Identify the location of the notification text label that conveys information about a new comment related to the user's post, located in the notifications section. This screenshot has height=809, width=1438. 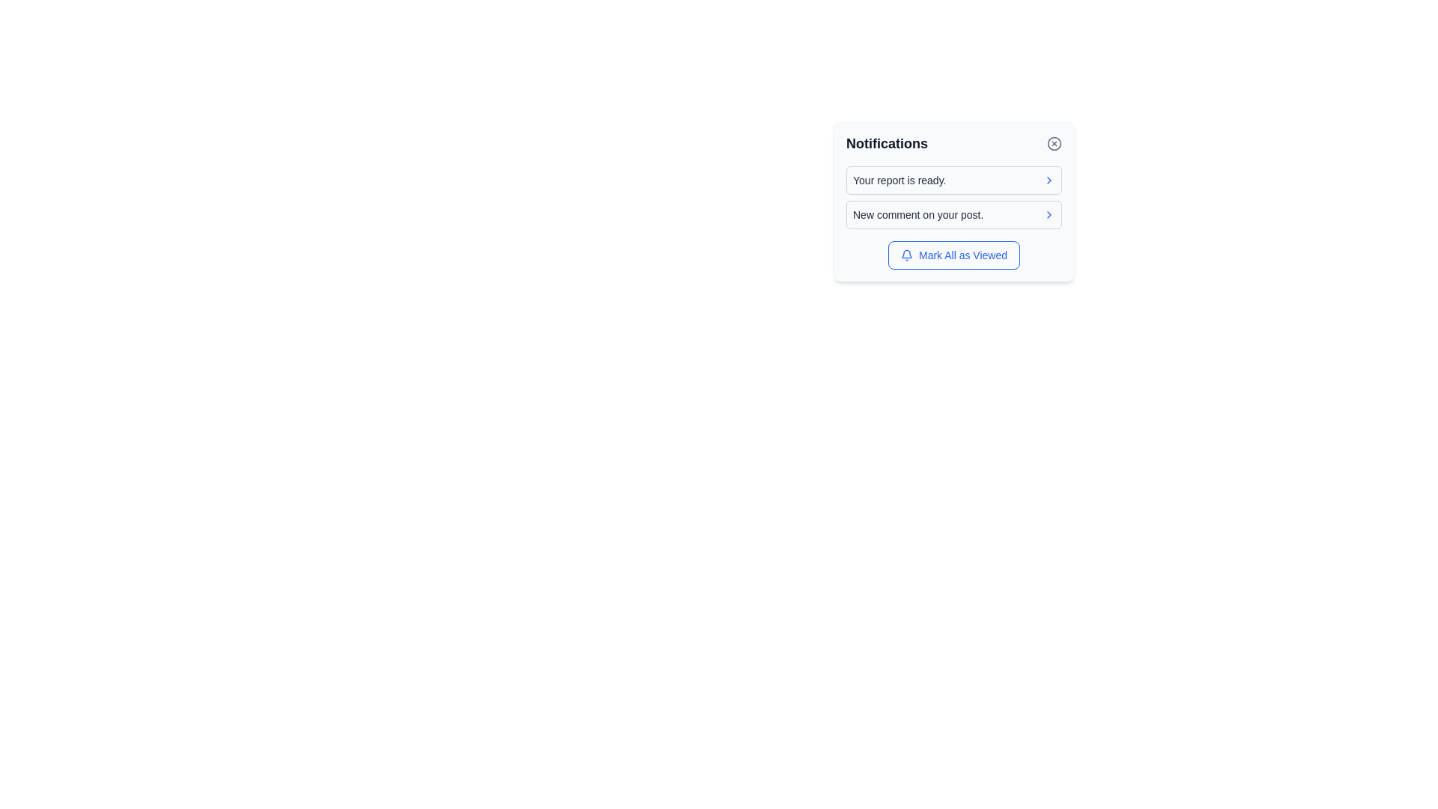
(917, 214).